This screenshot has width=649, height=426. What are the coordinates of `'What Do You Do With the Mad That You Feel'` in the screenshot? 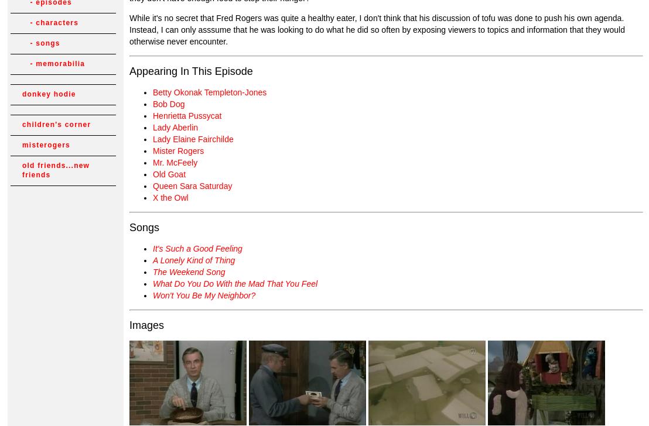 It's located at (235, 283).